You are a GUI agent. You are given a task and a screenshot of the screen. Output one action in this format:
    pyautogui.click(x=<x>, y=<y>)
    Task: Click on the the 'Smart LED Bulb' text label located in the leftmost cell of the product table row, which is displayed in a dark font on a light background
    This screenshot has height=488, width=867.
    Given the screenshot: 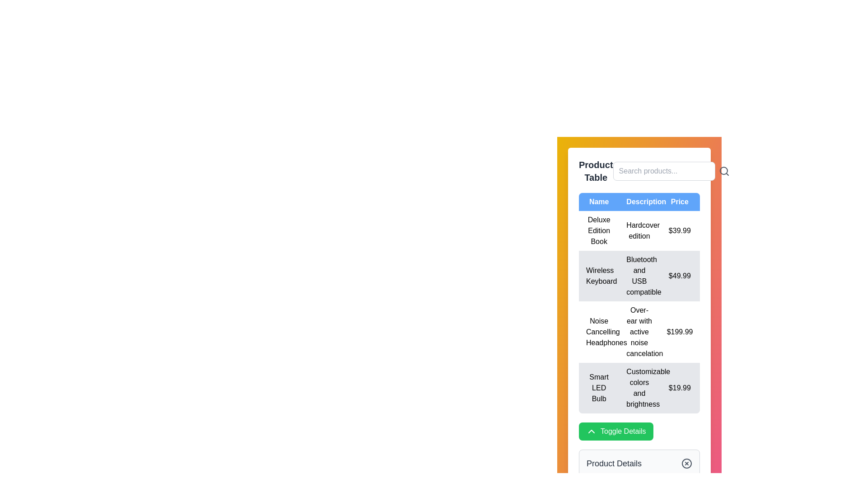 What is the action you would take?
    pyautogui.click(x=599, y=388)
    